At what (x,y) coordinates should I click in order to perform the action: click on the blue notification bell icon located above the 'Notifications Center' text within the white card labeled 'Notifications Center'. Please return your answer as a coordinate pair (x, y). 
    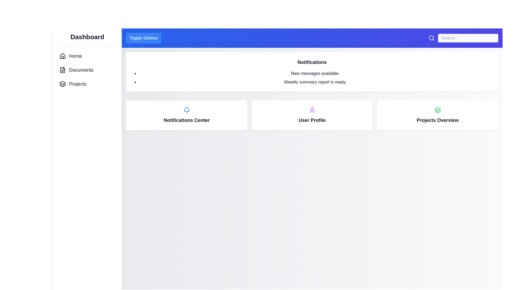
    Looking at the image, I should click on (187, 110).